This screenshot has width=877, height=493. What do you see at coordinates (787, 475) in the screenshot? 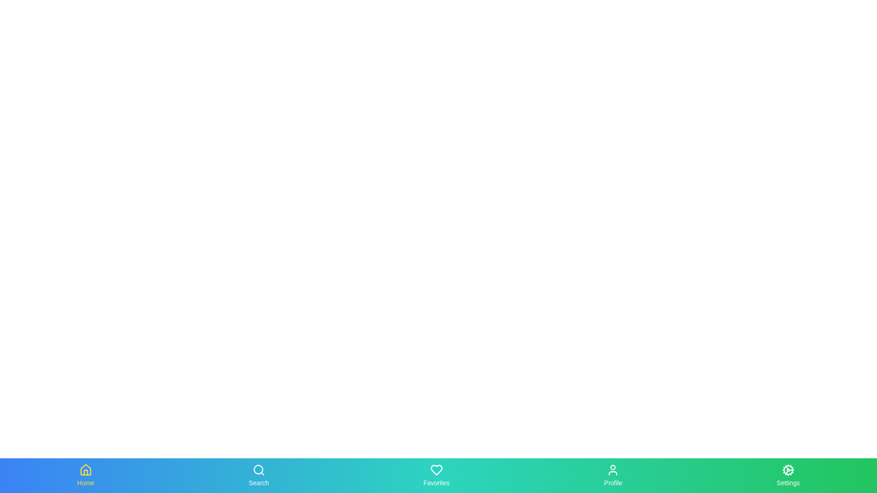
I see `the Settings tab in the bottom navigation` at bounding box center [787, 475].